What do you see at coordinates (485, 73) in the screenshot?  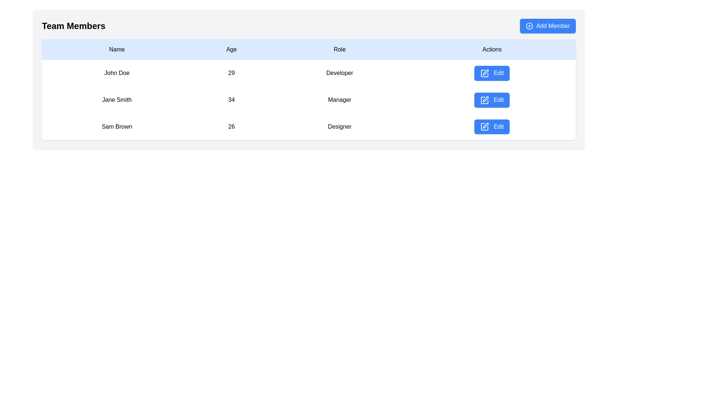 I see `the pen icon embedded within the 'Edit' button in the 'Actions' column of the first row of the table that lists team members, specifically associated with 'John Doe'` at bounding box center [485, 73].